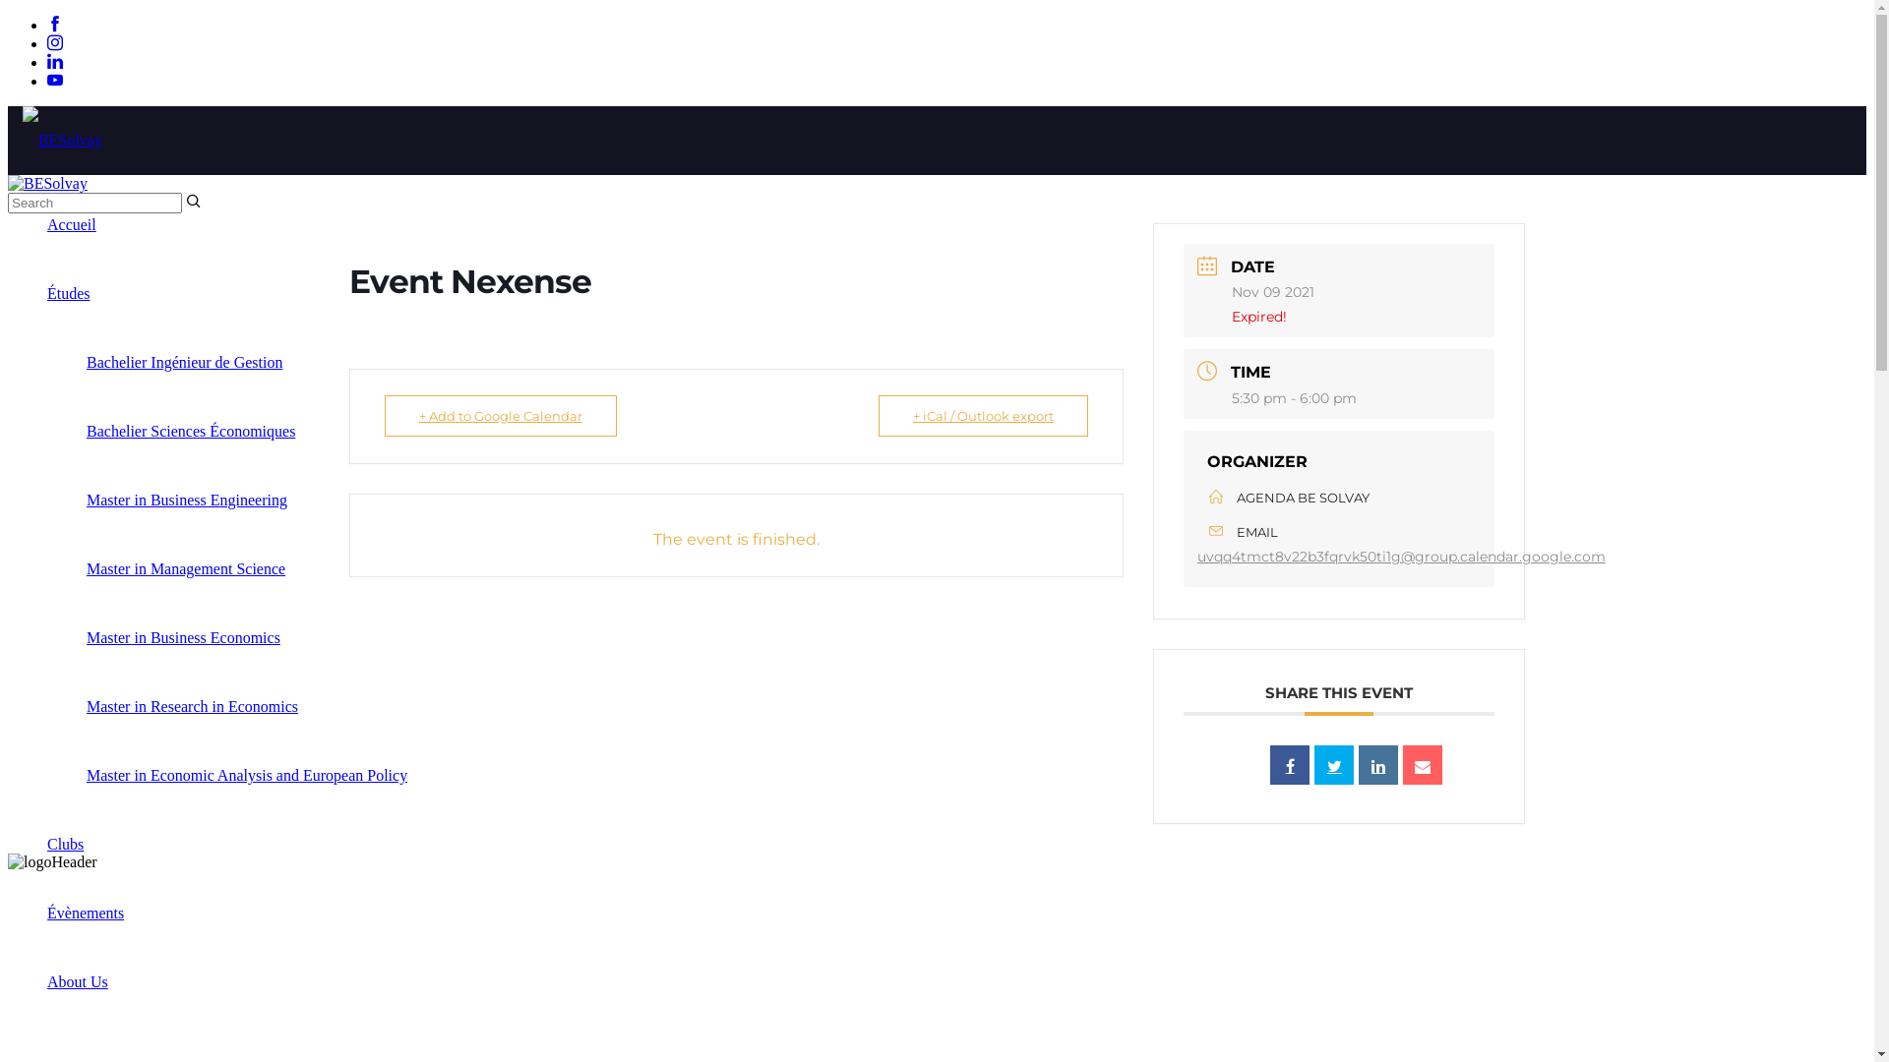 This screenshot has width=1889, height=1062. Describe the element at coordinates (85, 637) in the screenshot. I see `'Master in Business Economics'` at that location.